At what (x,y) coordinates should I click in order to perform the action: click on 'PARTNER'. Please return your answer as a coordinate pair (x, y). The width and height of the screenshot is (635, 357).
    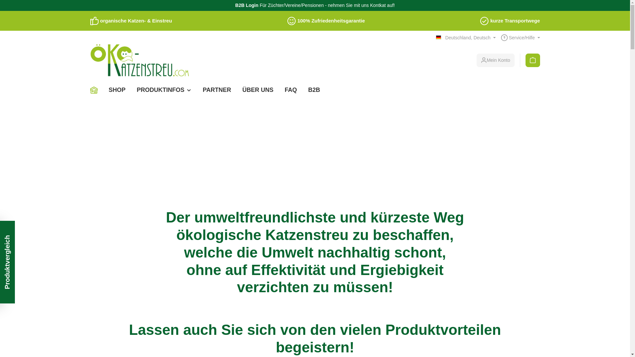
    Looking at the image, I should click on (196, 90).